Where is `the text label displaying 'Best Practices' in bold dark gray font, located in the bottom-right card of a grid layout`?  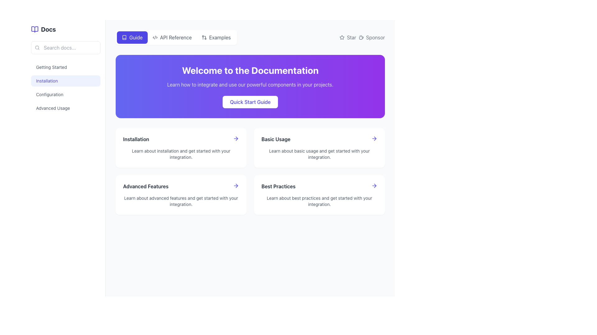 the text label displaying 'Best Practices' in bold dark gray font, located in the bottom-right card of a grid layout is located at coordinates (278, 186).